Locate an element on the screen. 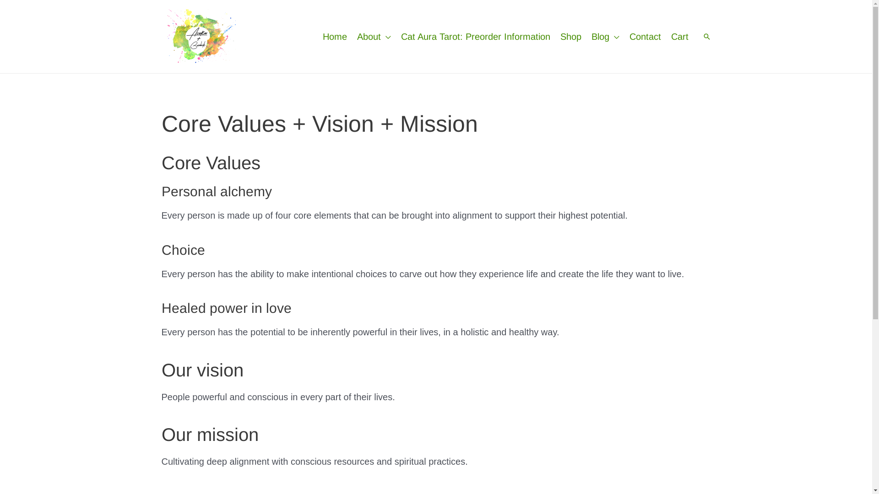 The image size is (879, 494). 'Home' is located at coordinates (334, 36).